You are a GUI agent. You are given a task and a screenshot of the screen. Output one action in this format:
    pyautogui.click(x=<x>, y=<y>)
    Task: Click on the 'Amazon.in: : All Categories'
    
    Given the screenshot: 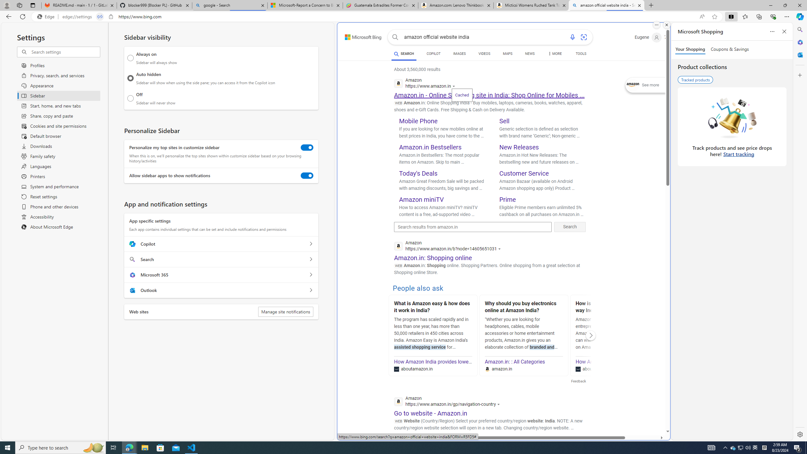 What is the action you would take?
    pyautogui.click(x=514, y=361)
    